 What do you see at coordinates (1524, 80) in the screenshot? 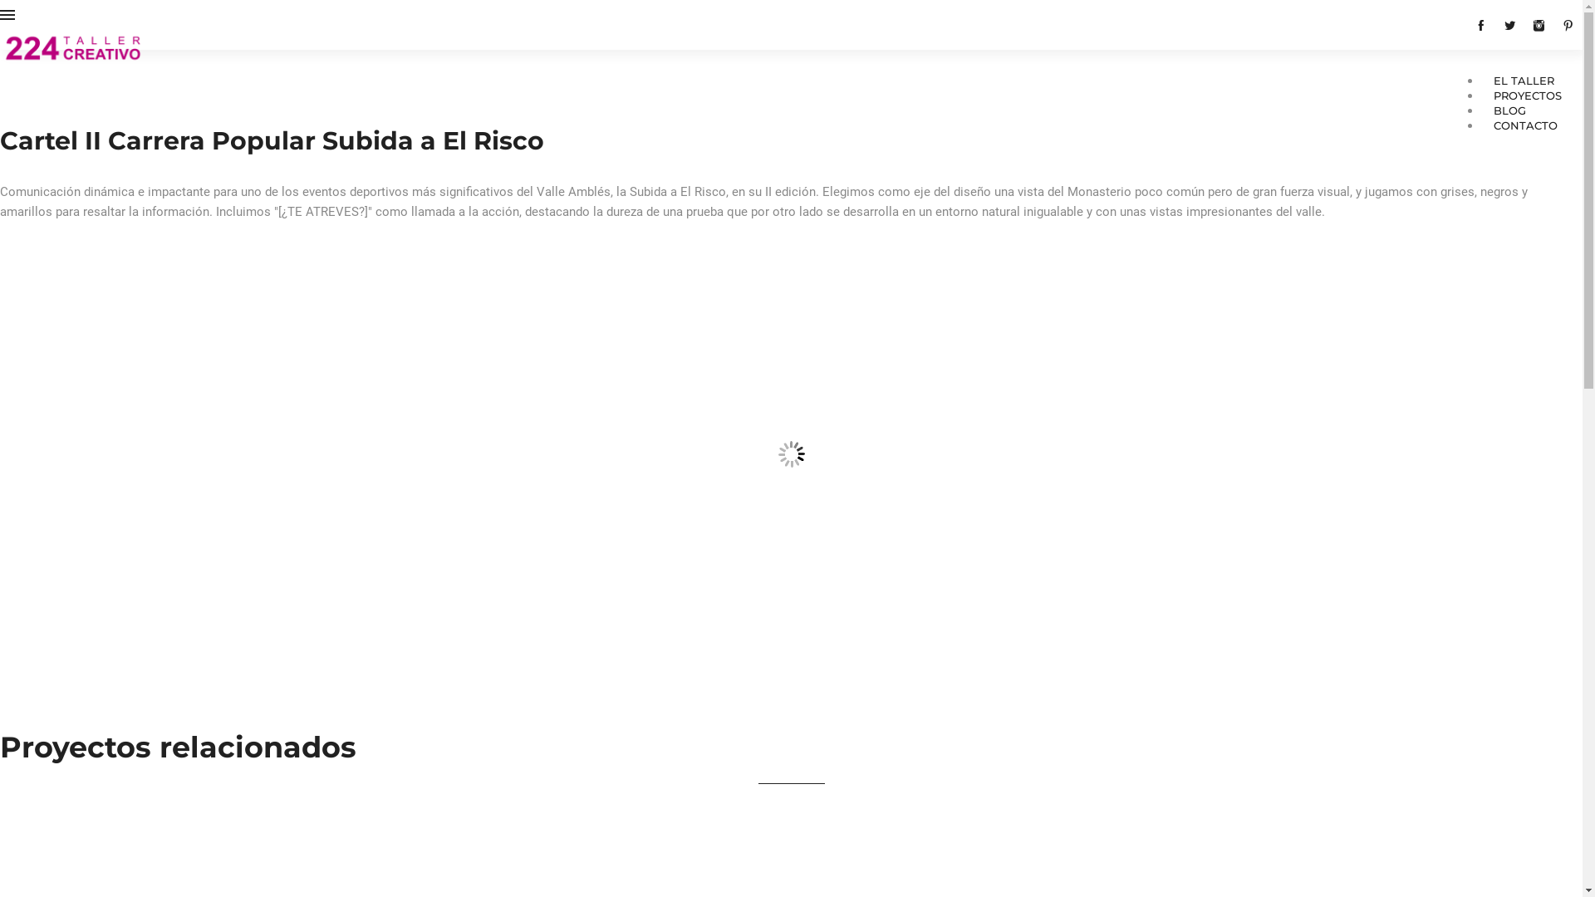
I see `'EL TALLER'` at bounding box center [1524, 80].